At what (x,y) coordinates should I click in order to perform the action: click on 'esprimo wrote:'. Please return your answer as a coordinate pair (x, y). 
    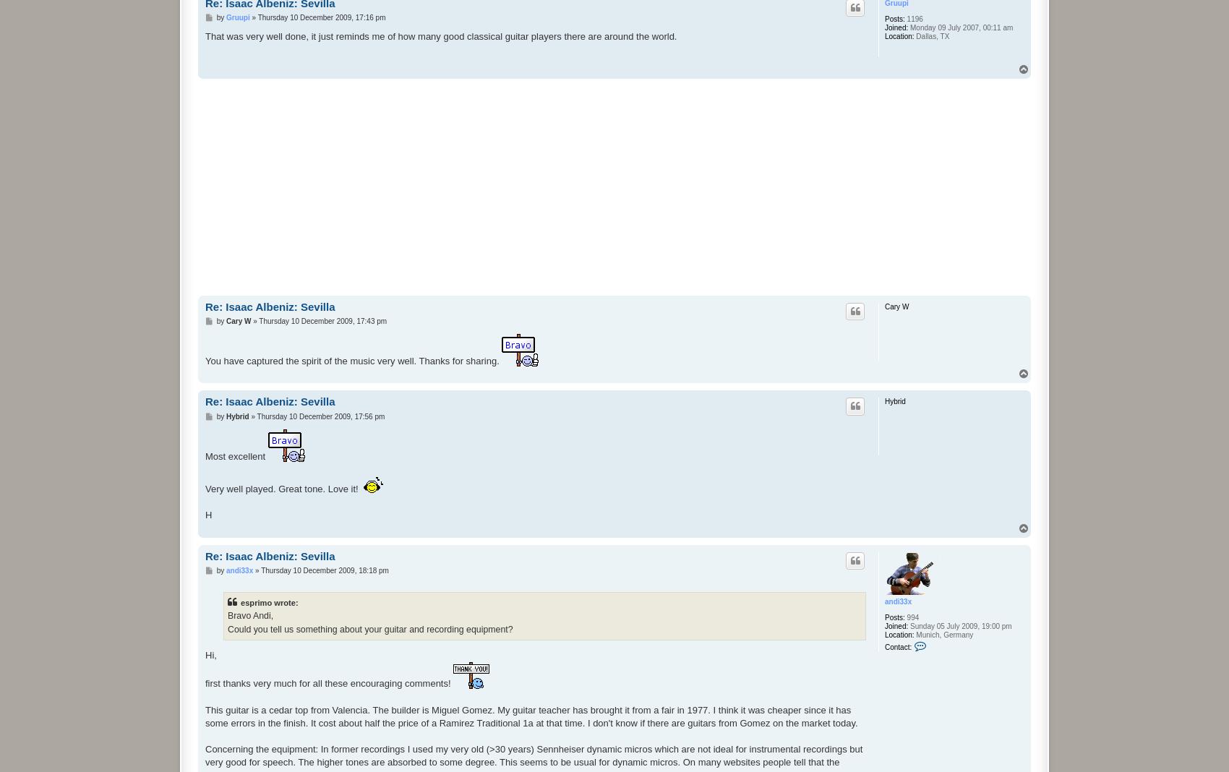
    Looking at the image, I should click on (268, 602).